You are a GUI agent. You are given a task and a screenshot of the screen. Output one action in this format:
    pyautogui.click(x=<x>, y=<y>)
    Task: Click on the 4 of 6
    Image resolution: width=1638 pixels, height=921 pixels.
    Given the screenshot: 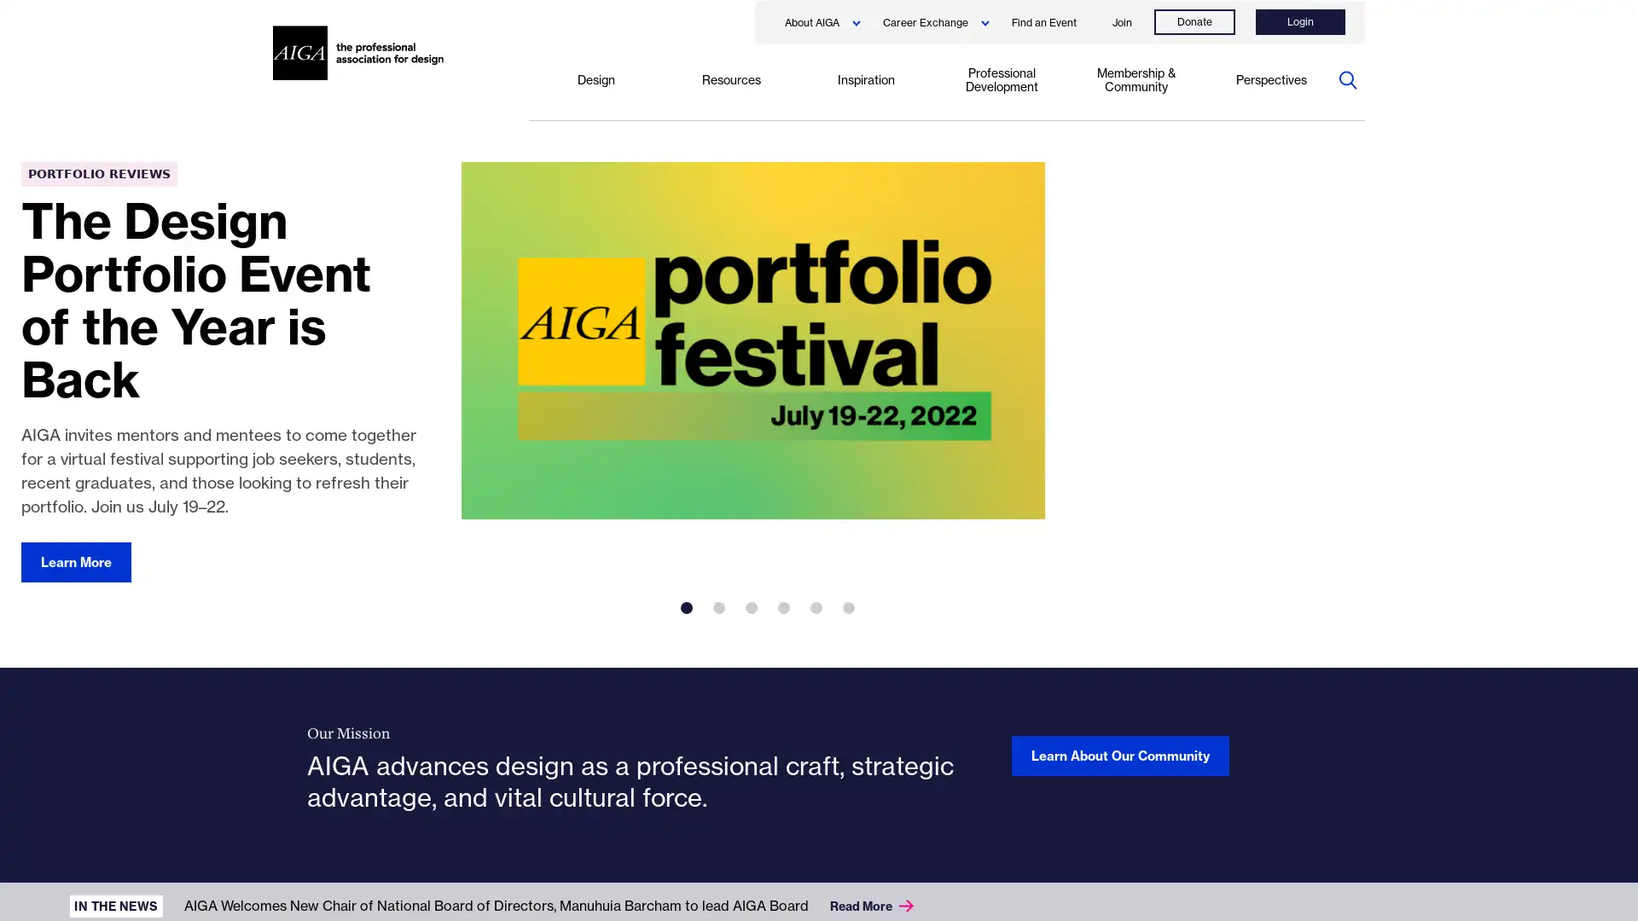 What is the action you would take?
    pyautogui.click(x=782, y=607)
    